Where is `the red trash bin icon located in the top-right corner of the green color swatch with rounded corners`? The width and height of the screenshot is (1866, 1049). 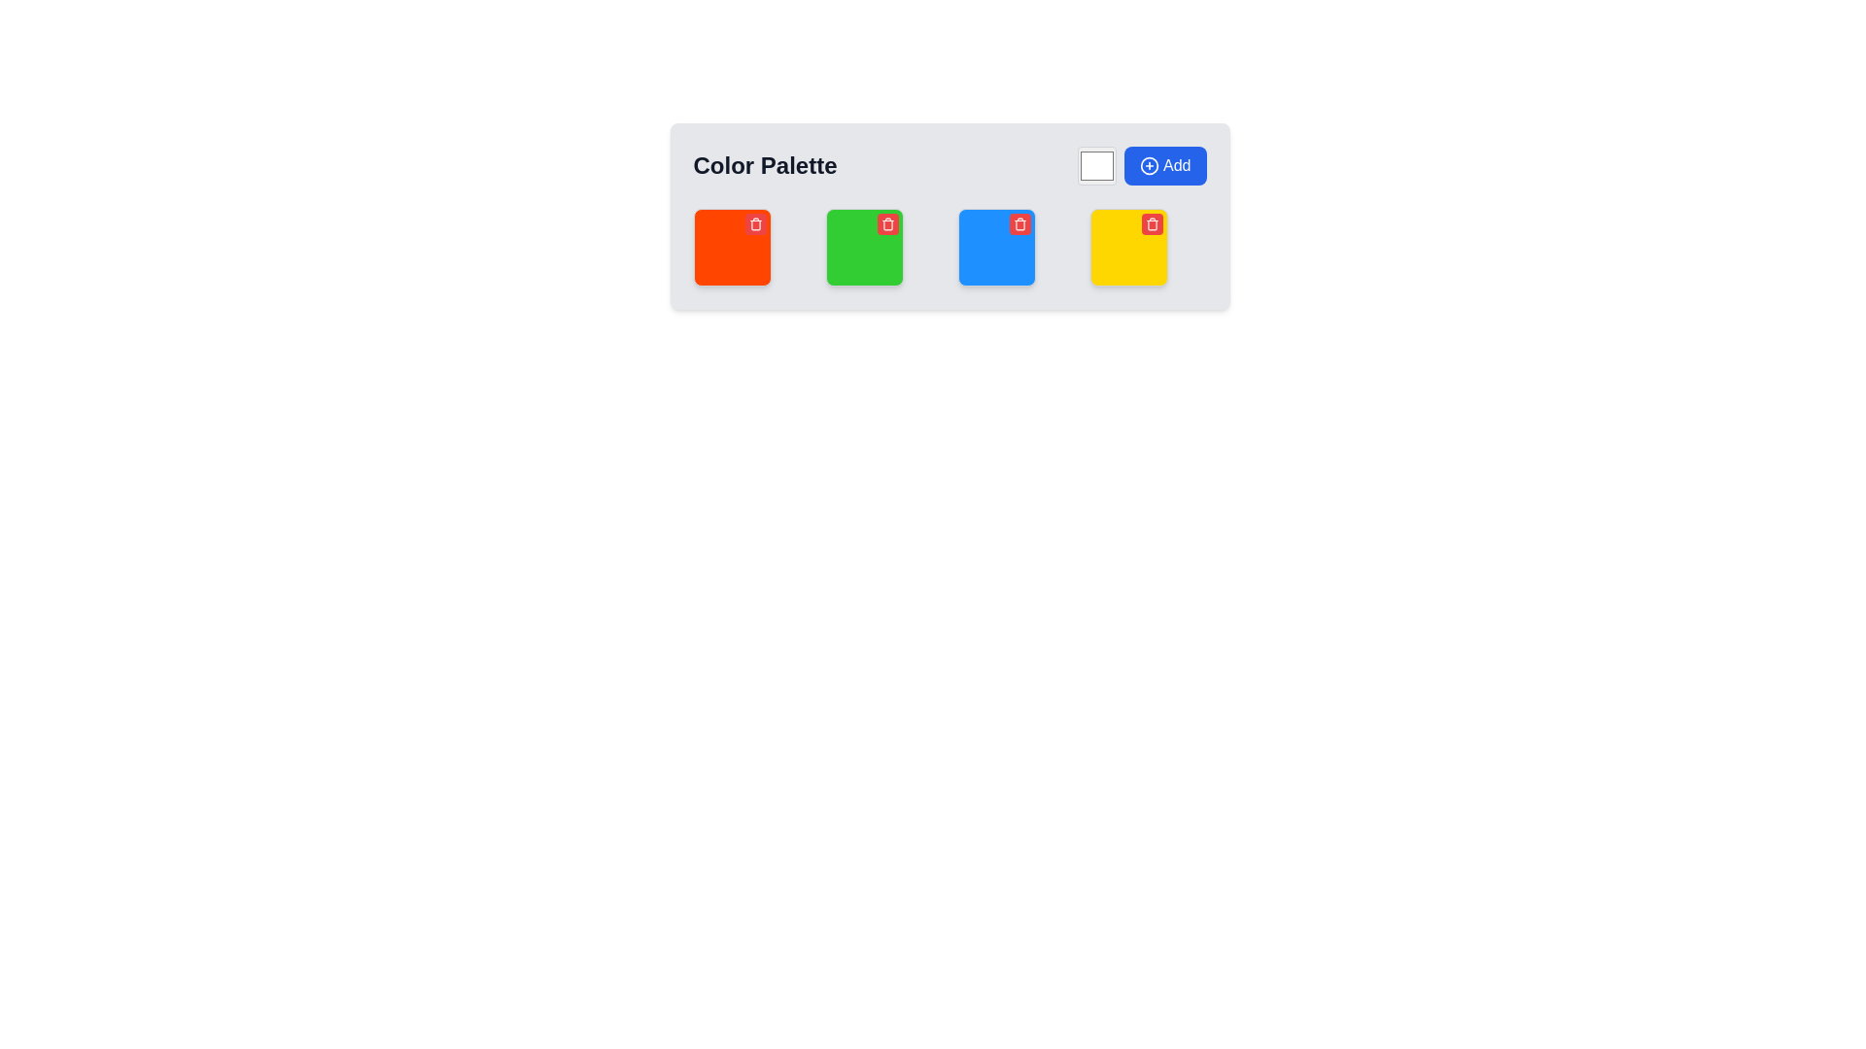
the red trash bin icon located in the top-right corner of the green color swatch with rounded corners is located at coordinates (863, 246).